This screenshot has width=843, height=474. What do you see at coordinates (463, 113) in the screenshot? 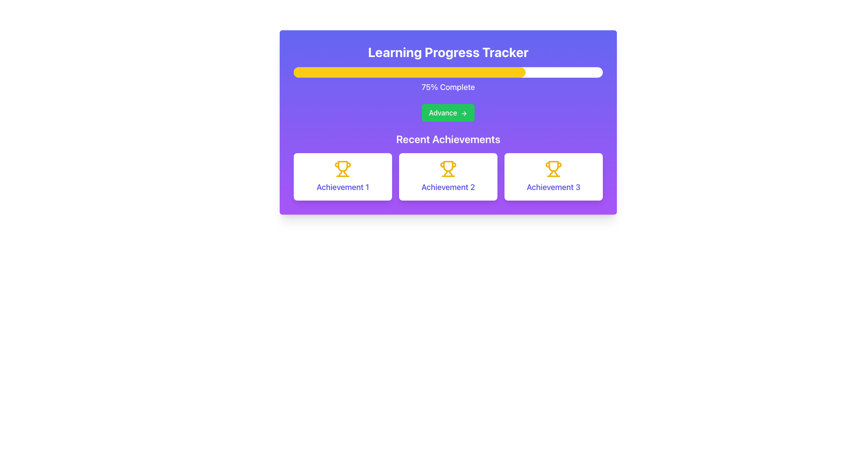
I see `the right-arrow icon located to the right of the 'Advance' text within the button, which is centered below the progress bar` at bounding box center [463, 113].